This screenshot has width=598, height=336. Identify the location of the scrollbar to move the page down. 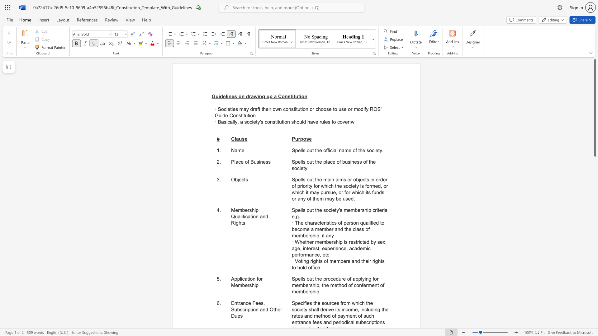
(595, 199).